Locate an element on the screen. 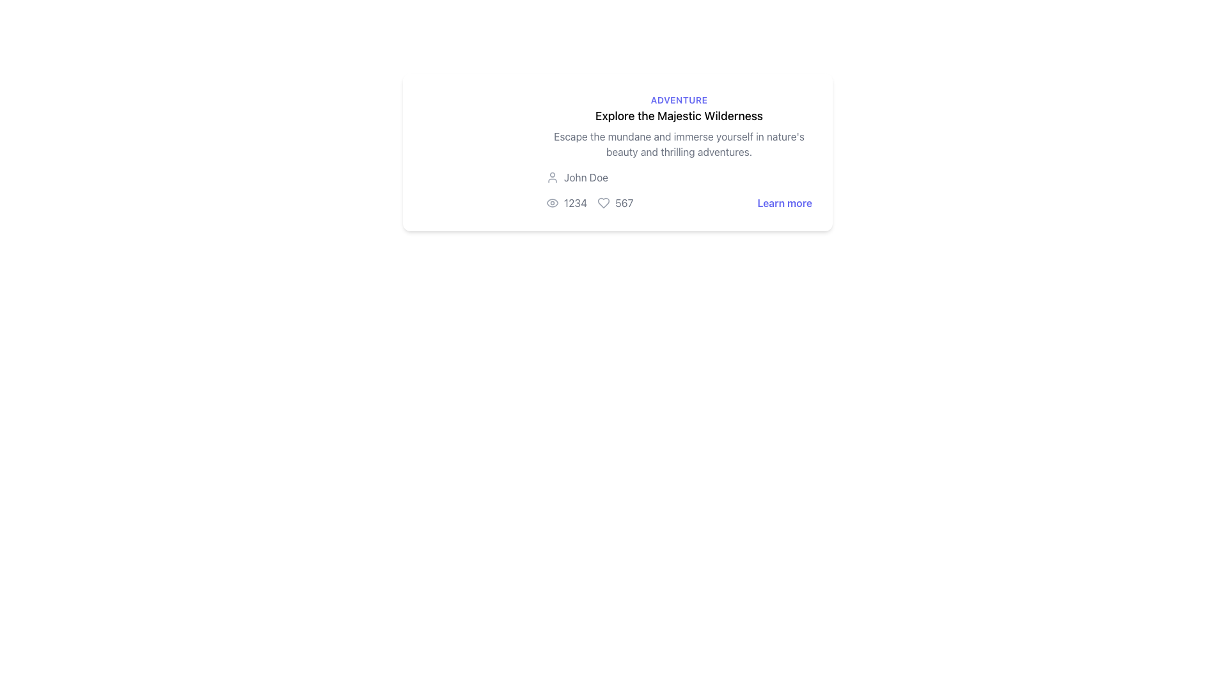 This screenshot has height=690, width=1228. the textual hyperlink 'Learn more' styled in bold indigo-blue font is located at coordinates (784, 202).